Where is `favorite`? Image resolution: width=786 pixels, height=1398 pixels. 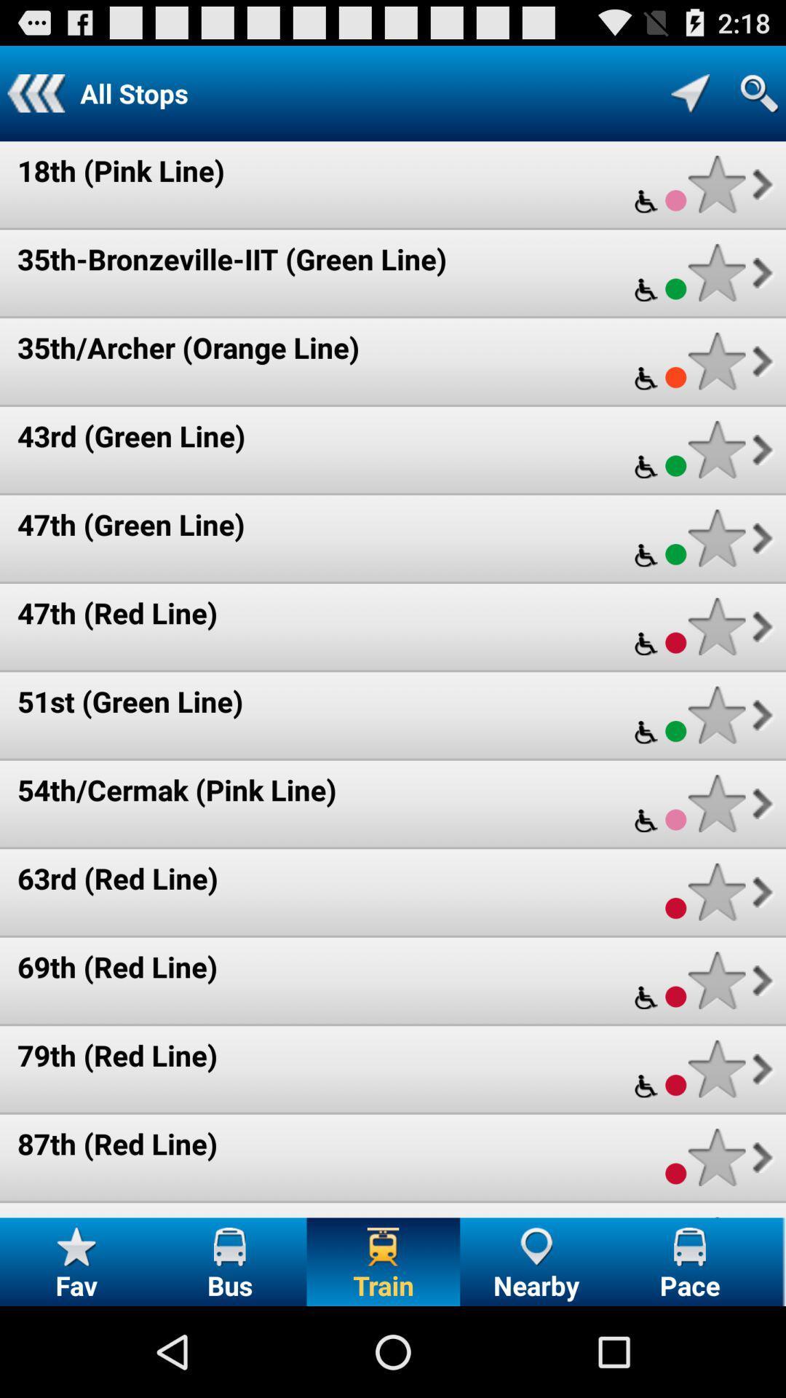 favorite is located at coordinates (716, 537).